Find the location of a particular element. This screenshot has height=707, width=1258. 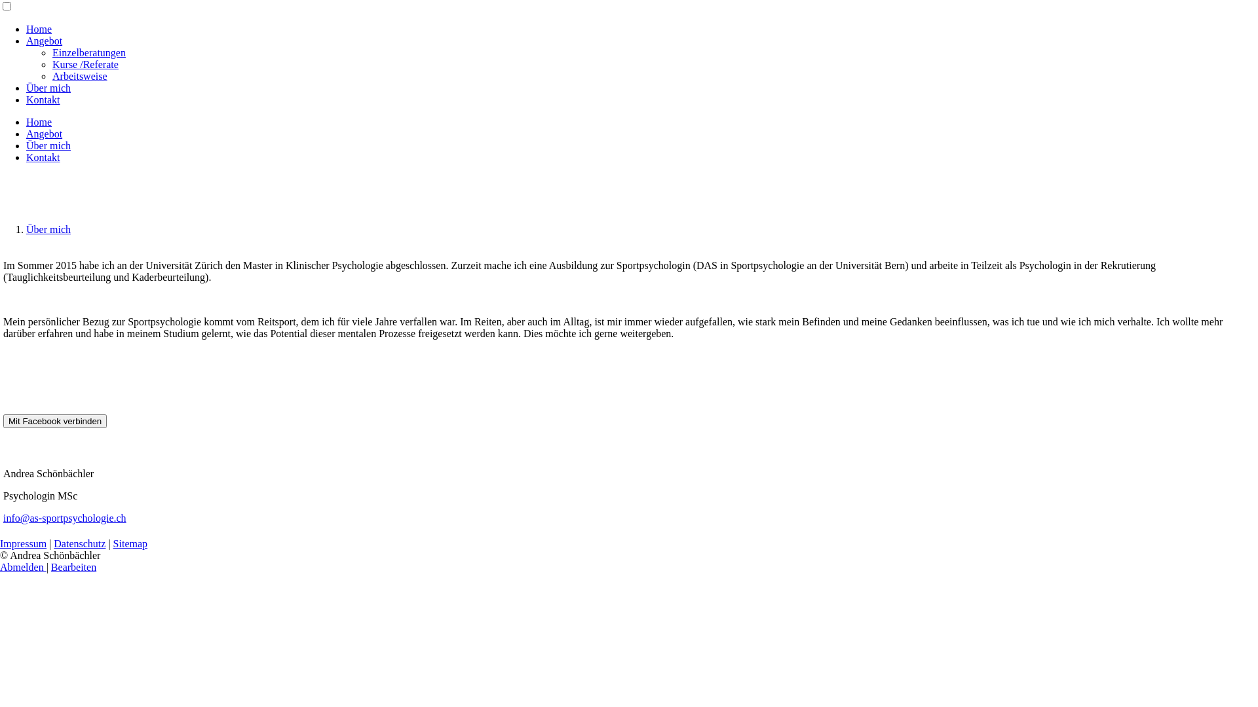

'Kontakt' is located at coordinates (43, 99).